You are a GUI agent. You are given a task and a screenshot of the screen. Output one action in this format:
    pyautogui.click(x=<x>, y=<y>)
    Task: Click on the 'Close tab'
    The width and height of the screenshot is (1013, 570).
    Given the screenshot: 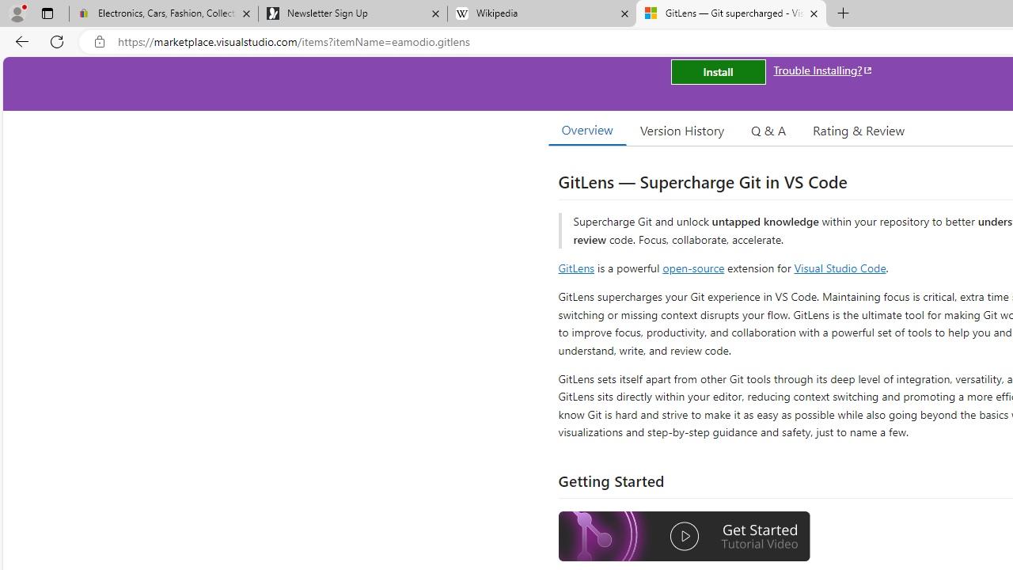 What is the action you would take?
    pyautogui.click(x=814, y=13)
    